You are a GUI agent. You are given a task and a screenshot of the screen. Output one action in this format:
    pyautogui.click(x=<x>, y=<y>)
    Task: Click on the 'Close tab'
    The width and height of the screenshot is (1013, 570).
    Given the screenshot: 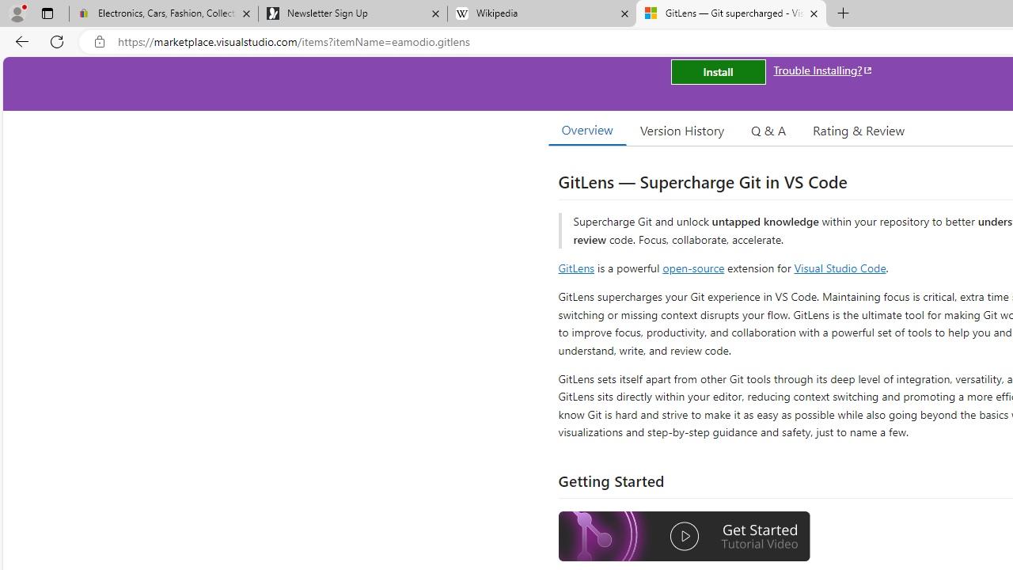 What is the action you would take?
    pyautogui.click(x=814, y=13)
    